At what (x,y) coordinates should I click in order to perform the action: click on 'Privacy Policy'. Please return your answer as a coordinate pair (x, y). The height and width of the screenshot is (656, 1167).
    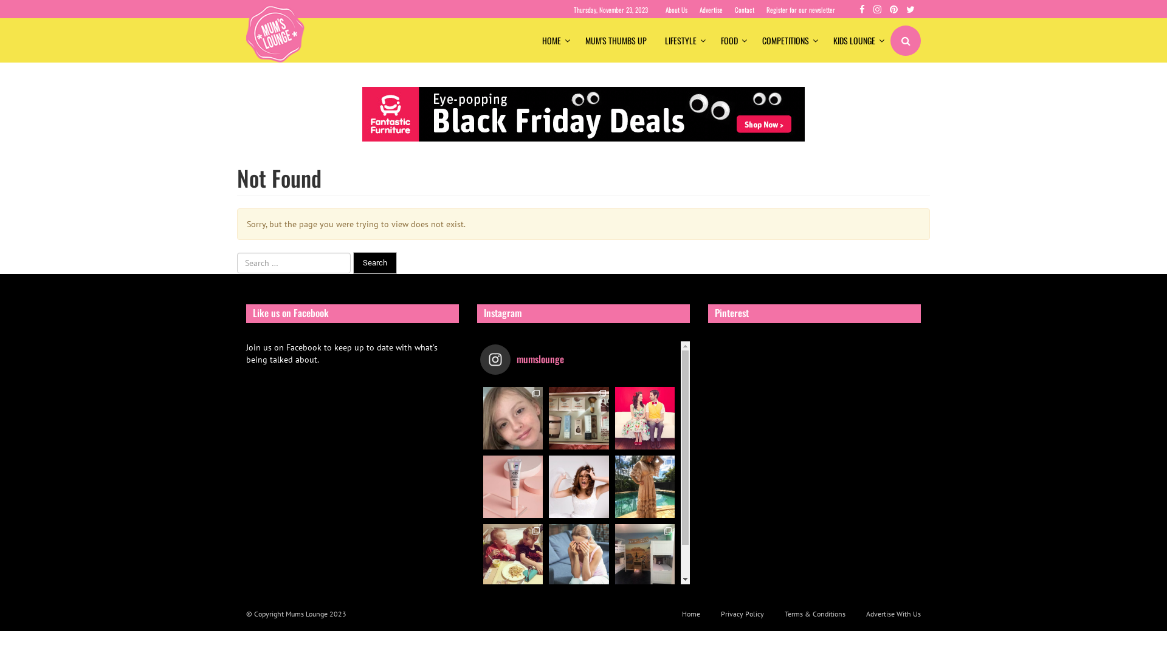
    Looking at the image, I should click on (712, 613).